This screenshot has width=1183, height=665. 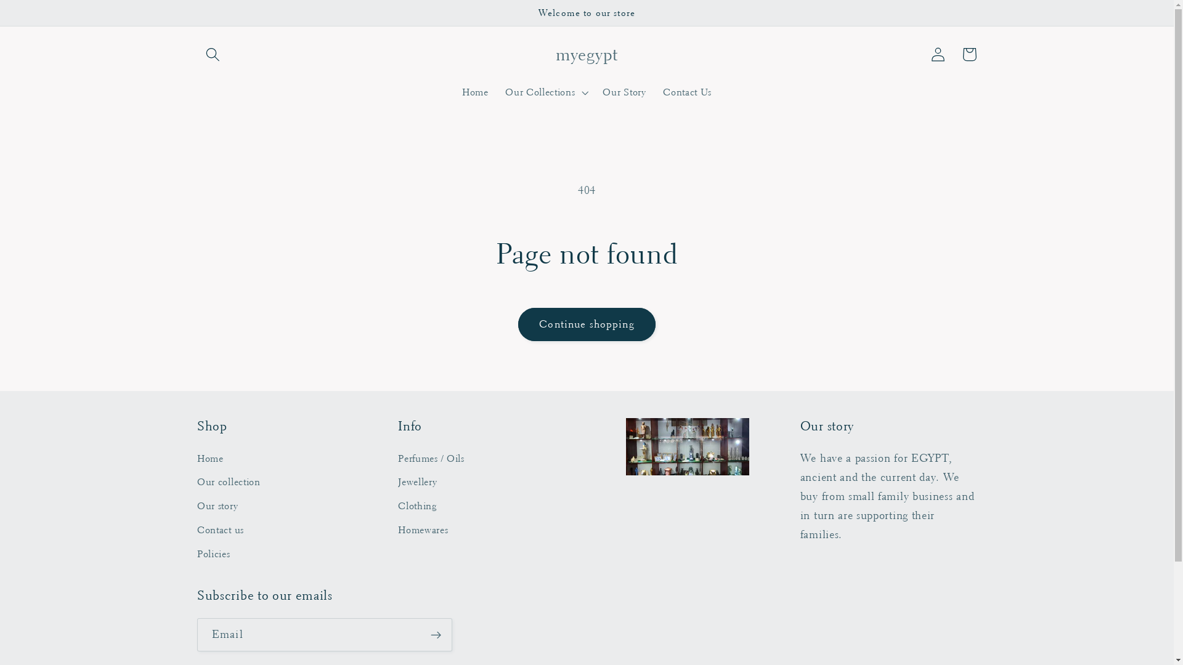 What do you see at coordinates (229, 482) in the screenshot?
I see `'Our collection'` at bounding box center [229, 482].